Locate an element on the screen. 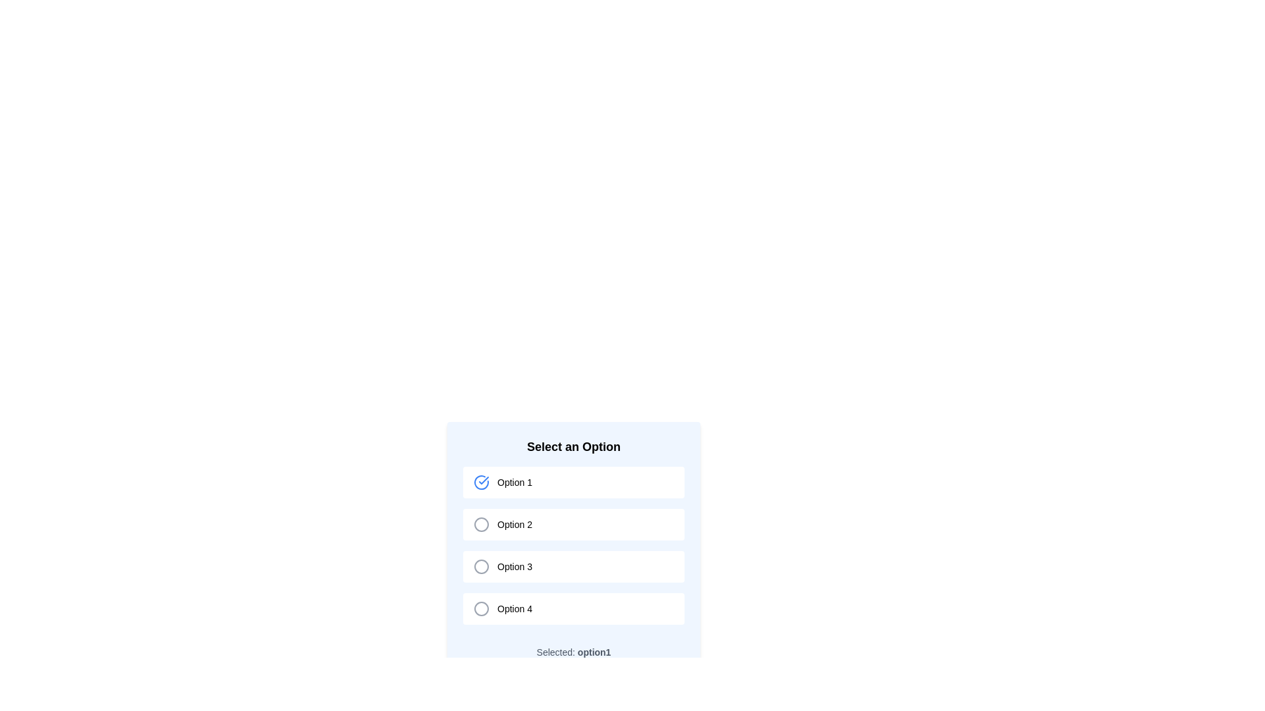 Image resolution: width=1265 pixels, height=711 pixels. the unselected radio button for 'Option 4' is located at coordinates (480, 609).